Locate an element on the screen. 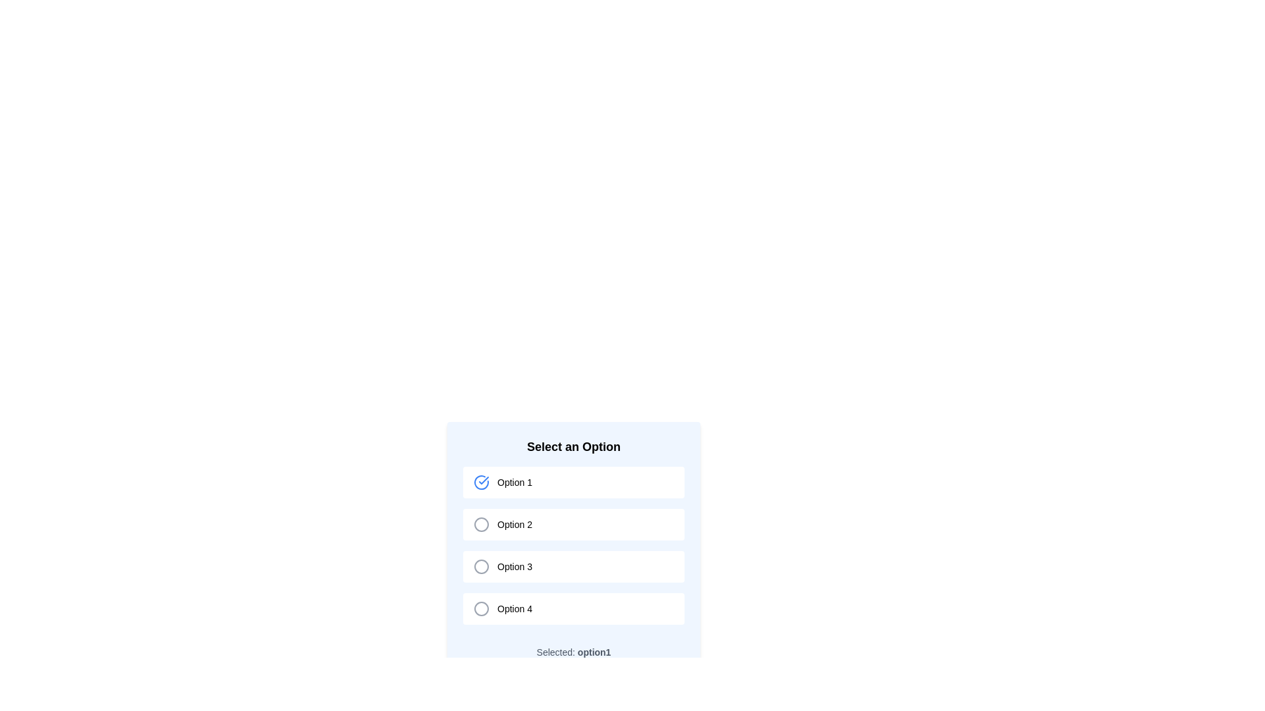 Image resolution: width=1265 pixels, height=711 pixels. the unselected radio button for 'Option 4' is located at coordinates (480, 609).